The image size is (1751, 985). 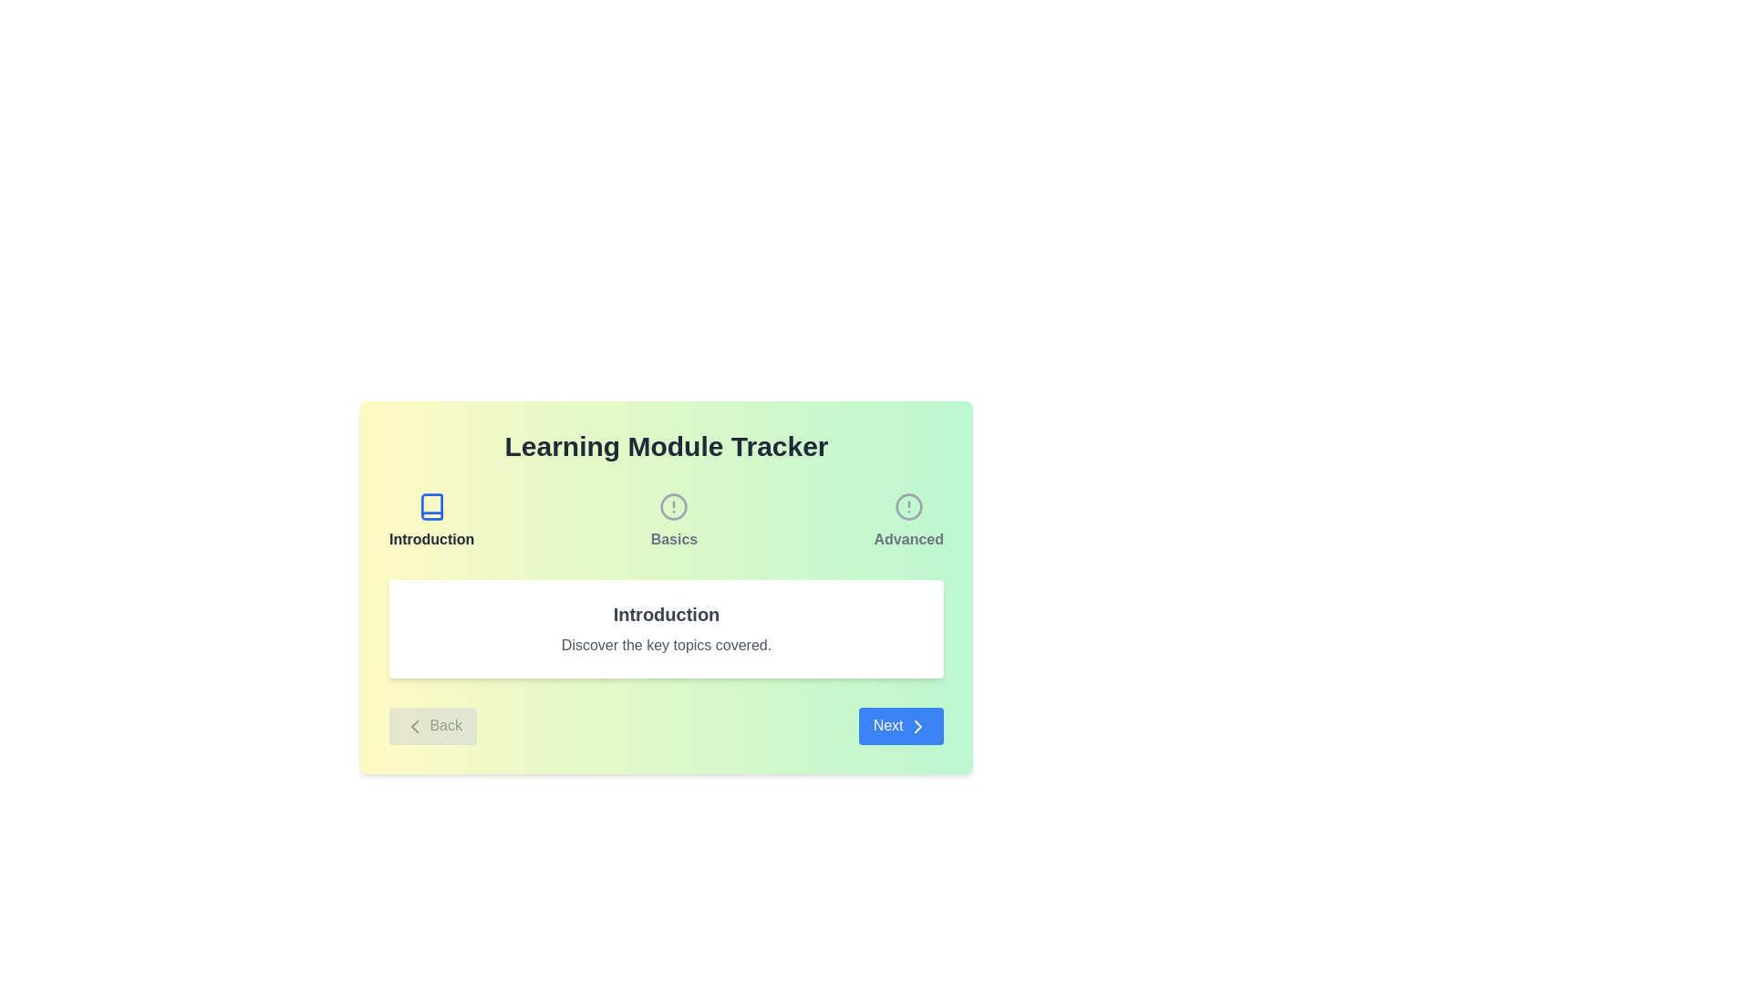 I want to click on the text label that serves as a title or heading for the section, located in the central area of the interface above the text 'Discover the key topics covered.', so click(x=665, y=615).